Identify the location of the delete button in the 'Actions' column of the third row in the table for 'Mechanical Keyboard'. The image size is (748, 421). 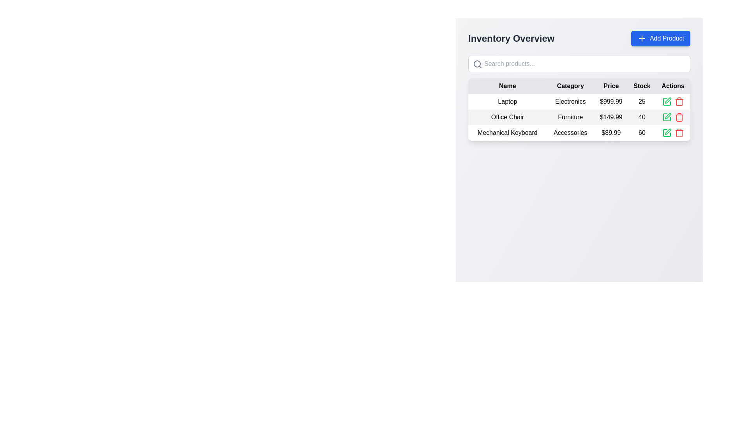
(679, 132).